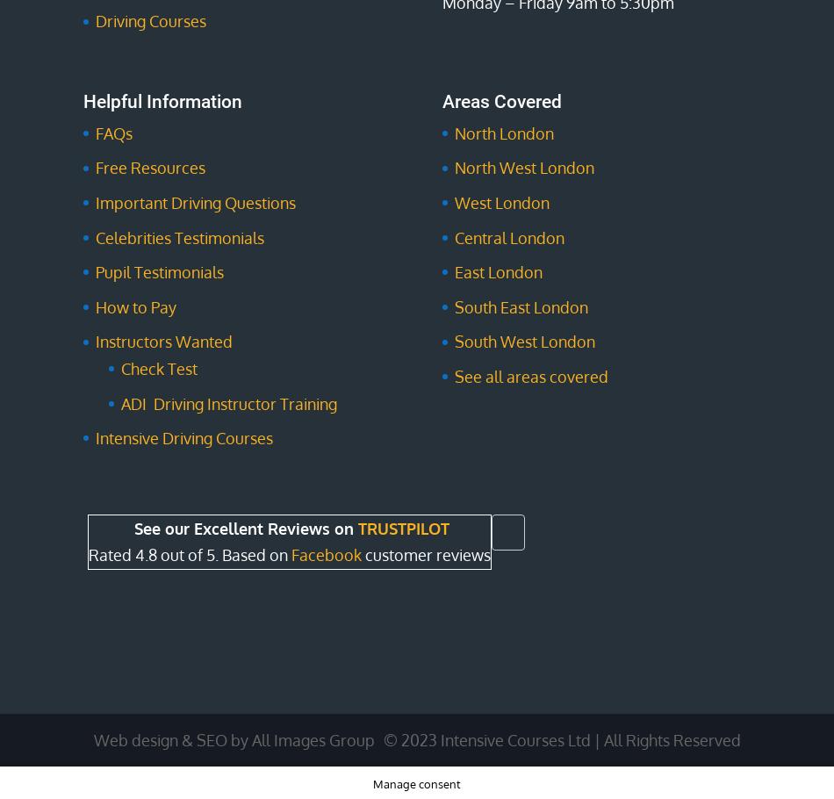  I want to click on 'Driving Courses', so click(95, 20).